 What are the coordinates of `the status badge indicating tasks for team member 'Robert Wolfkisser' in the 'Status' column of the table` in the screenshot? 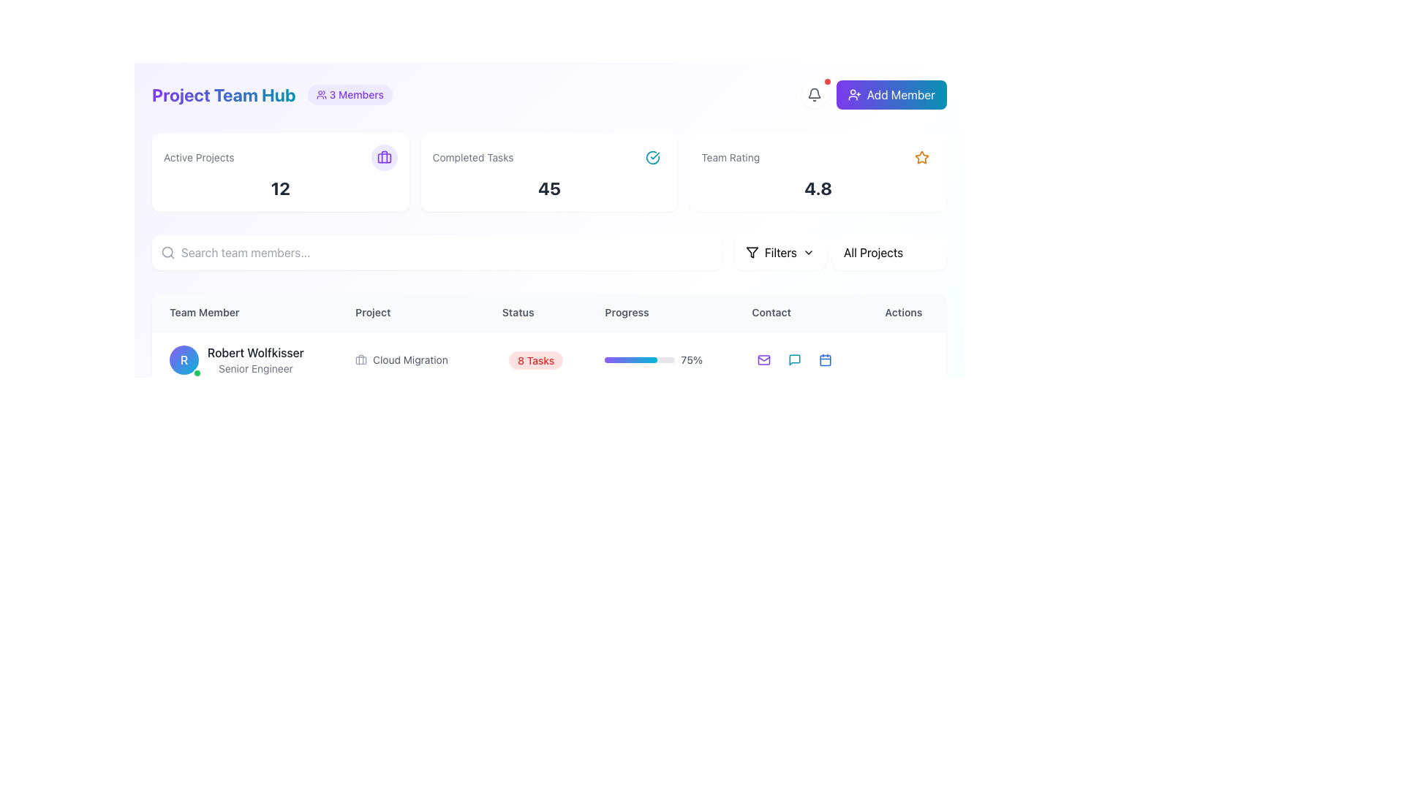 It's located at (535, 360).